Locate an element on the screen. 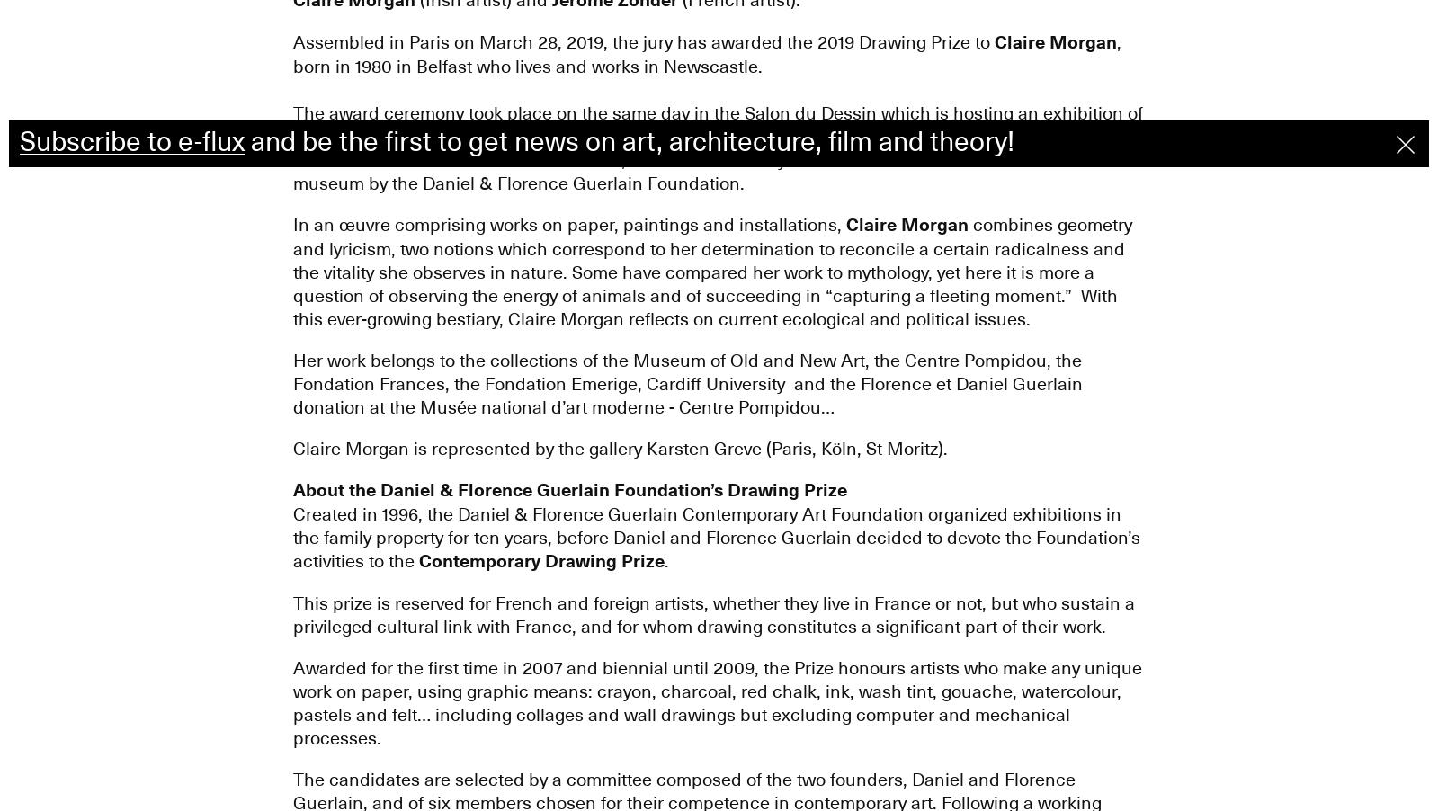  'combines geometry and lyricism, two notions which correspond to her determination to reconcile a certain radicalness and the vitality she observes in nature. Some have compared her work to mythology, yet here it is more a question of observing the energy of animals and of succeeding in “capturing a fleeting moment.”  With this ever-growing bestiary, Claire Morgan reflects on current ecological and political issues.' is located at coordinates (710, 270).